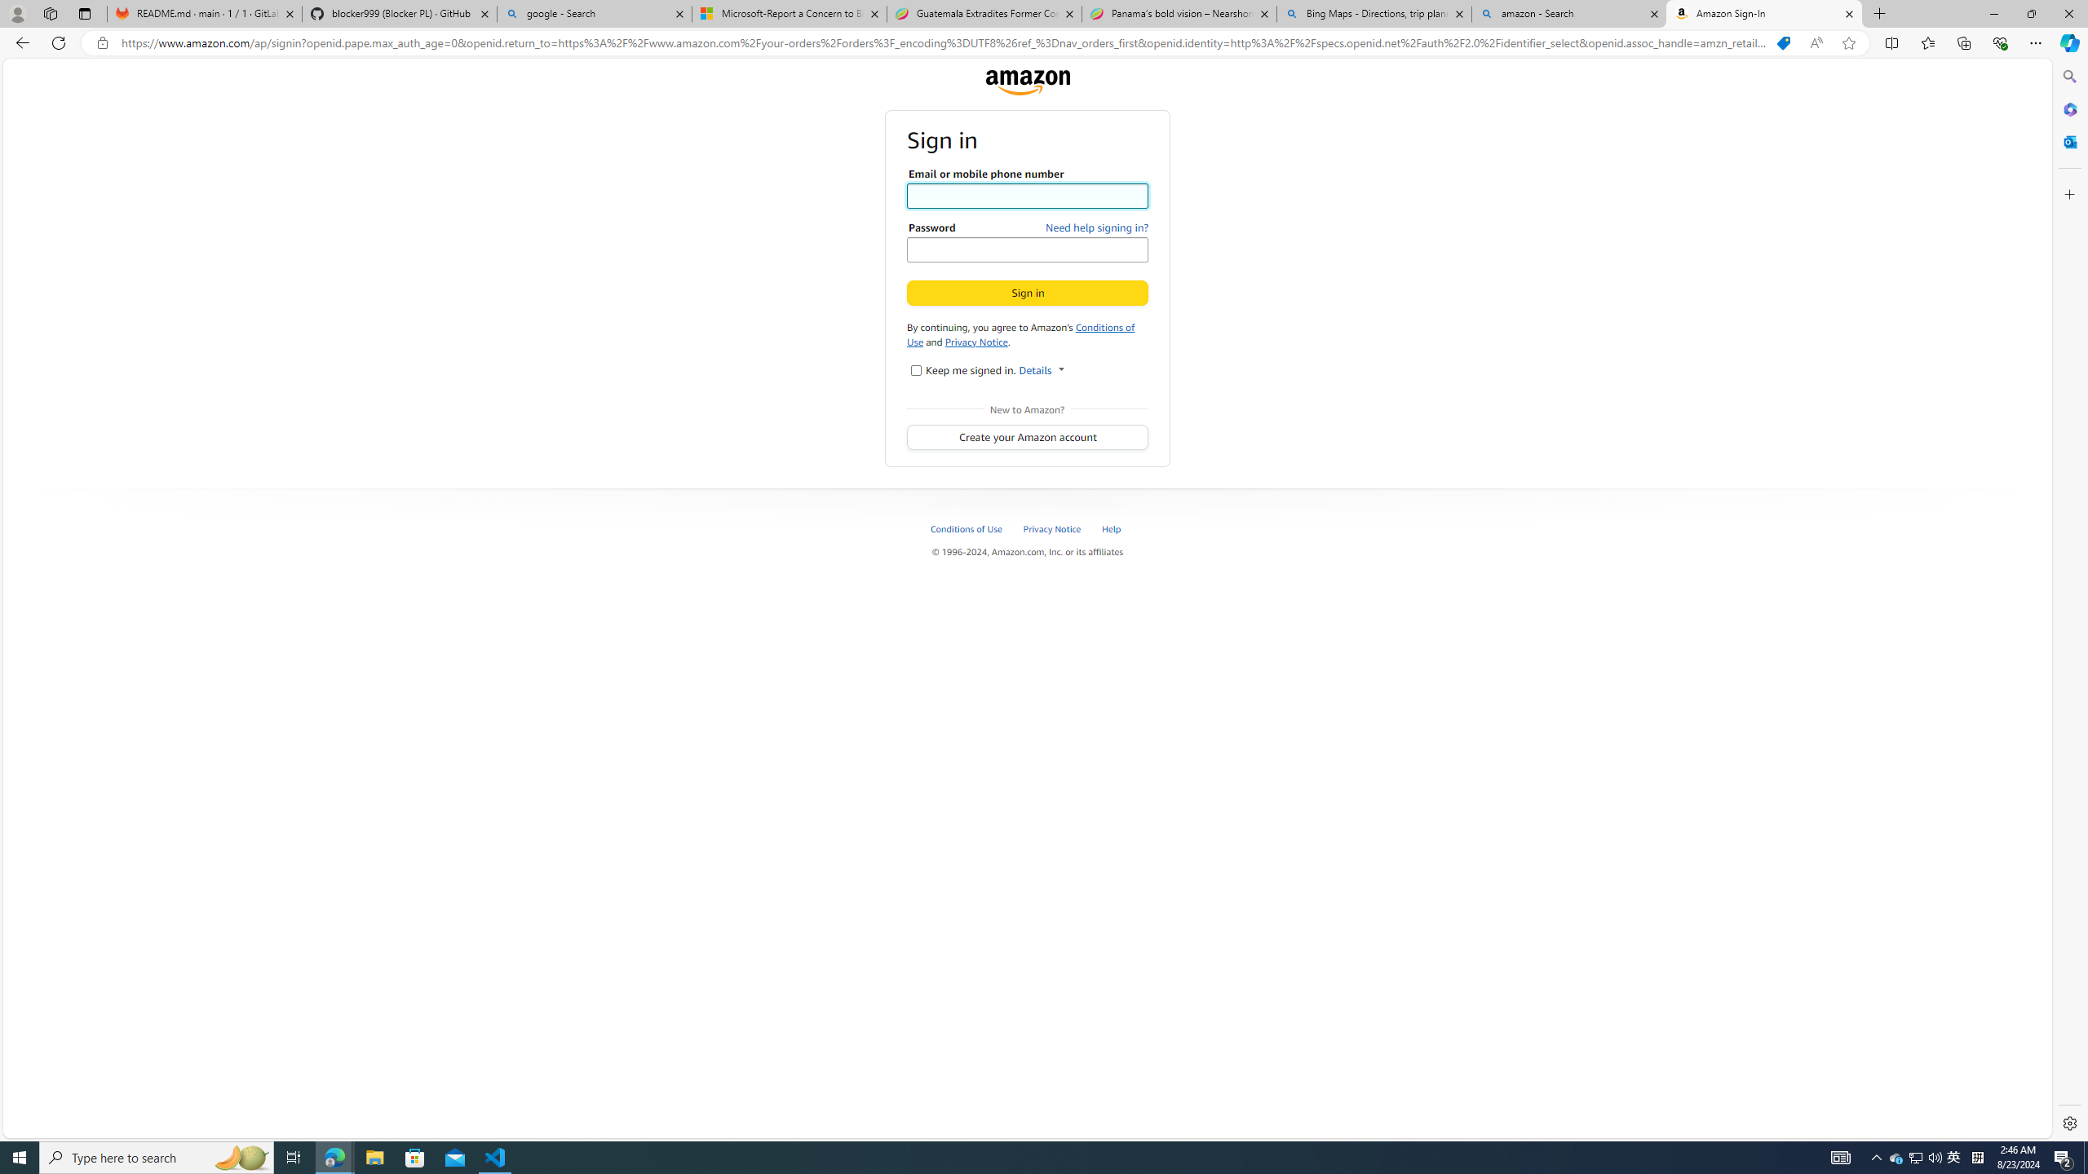 This screenshot has height=1174, width=2088. Describe the element at coordinates (974, 527) in the screenshot. I see `'Conditions of Use '` at that location.